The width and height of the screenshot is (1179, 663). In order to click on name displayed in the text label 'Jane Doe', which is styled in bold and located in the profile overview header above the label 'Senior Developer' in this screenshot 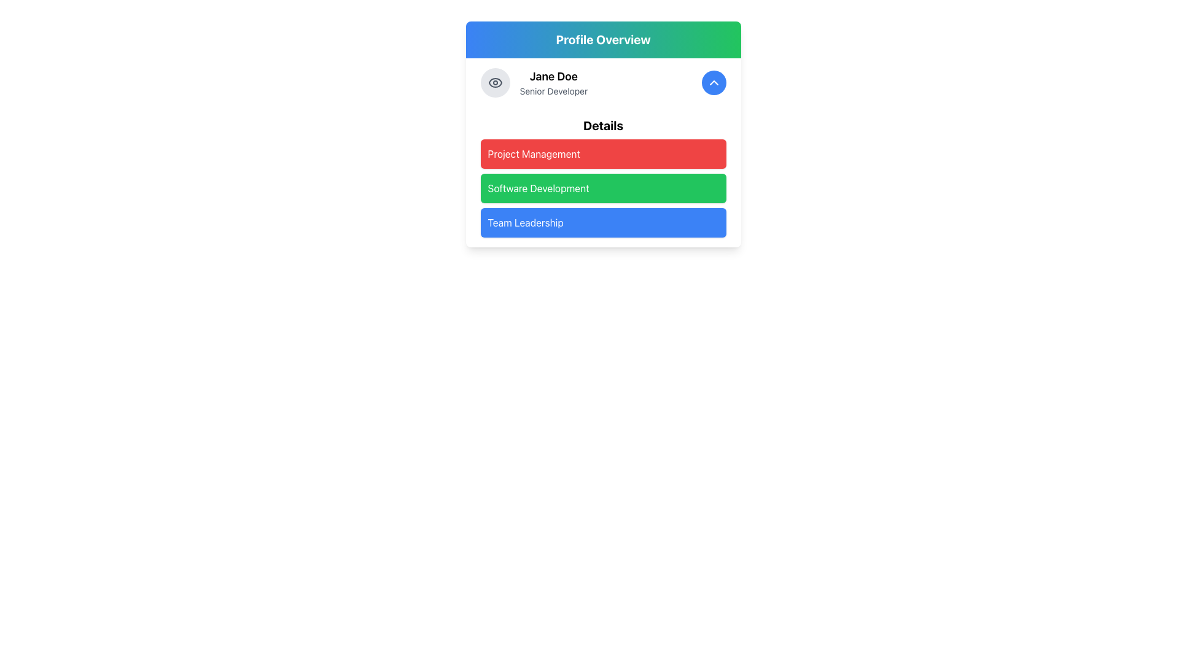, I will do `click(553, 76)`.